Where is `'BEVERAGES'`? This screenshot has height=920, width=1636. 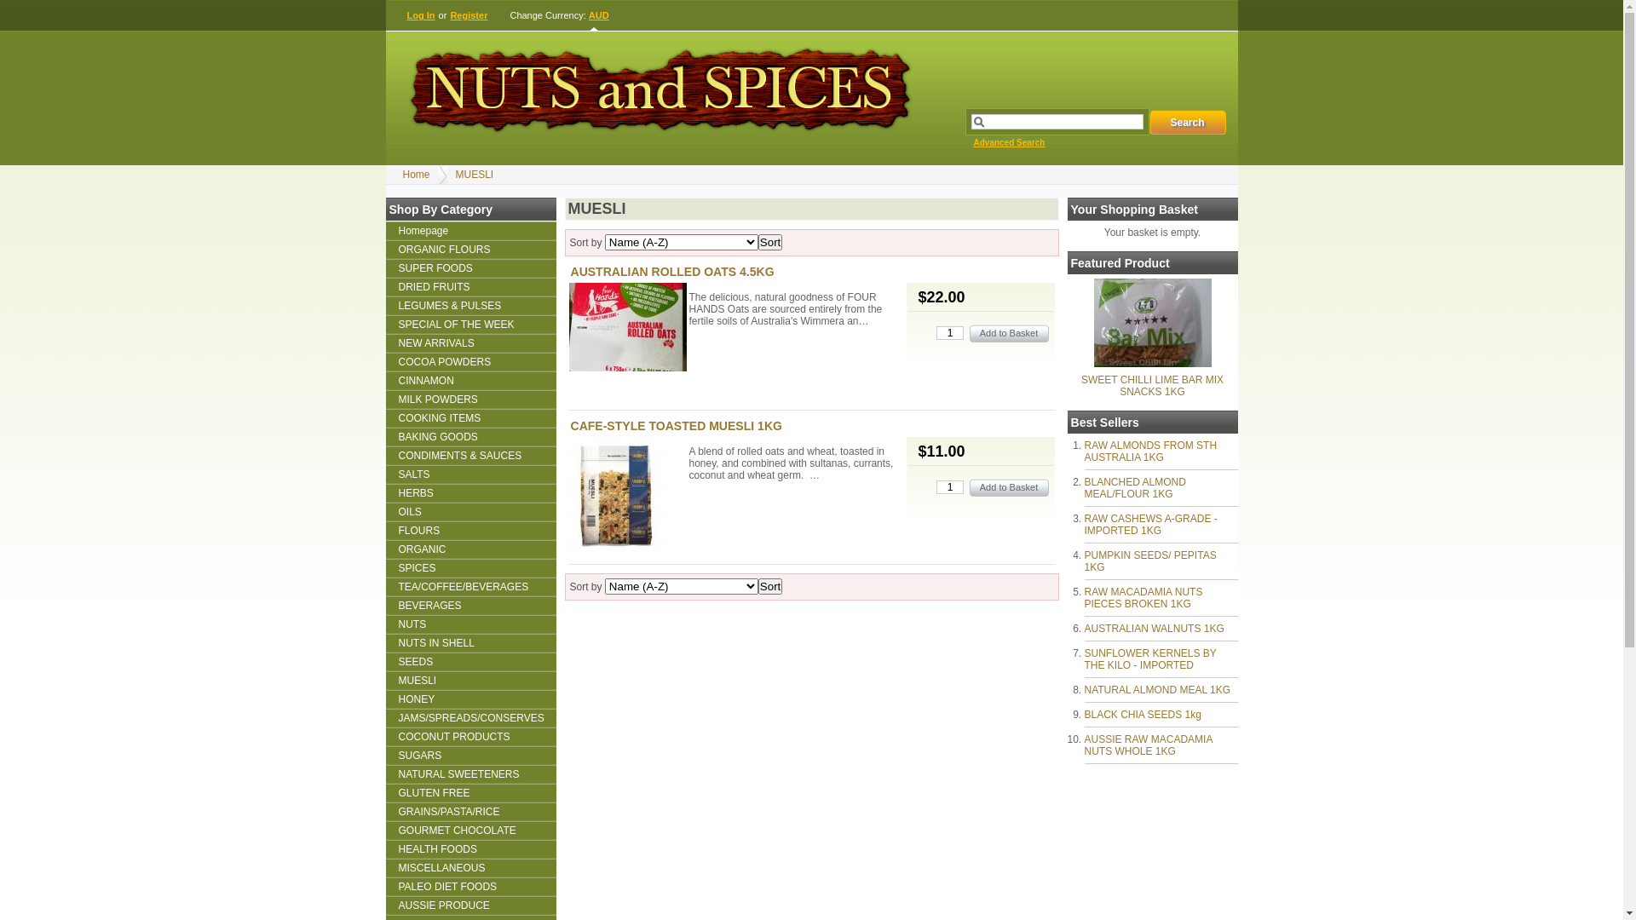 'BEVERAGES' is located at coordinates (470, 604).